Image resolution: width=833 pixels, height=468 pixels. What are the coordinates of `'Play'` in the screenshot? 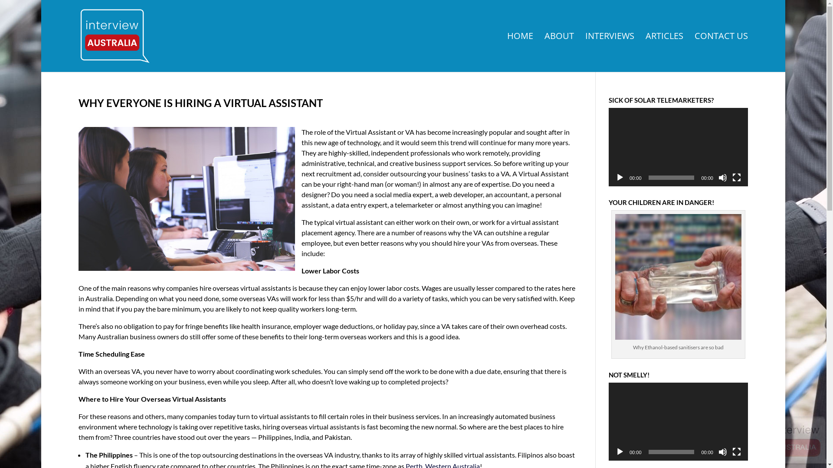 It's located at (620, 177).